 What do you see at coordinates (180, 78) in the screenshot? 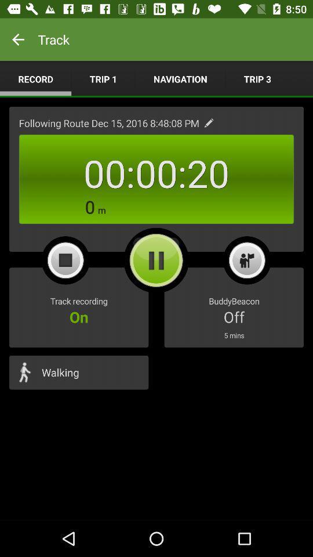
I see `the item to the right of trip 1 item` at bounding box center [180, 78].